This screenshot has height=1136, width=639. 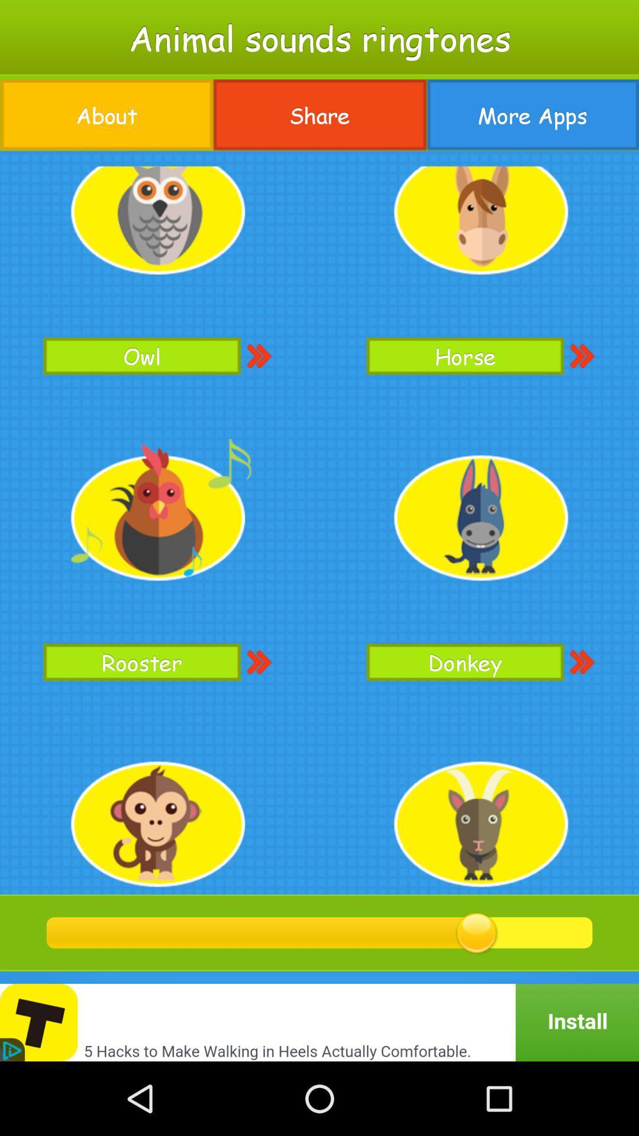 What do you see at coordinates (106, 115) in the screenshot?
I see `the icon at the top left corner` at bounding box center [106, 115].